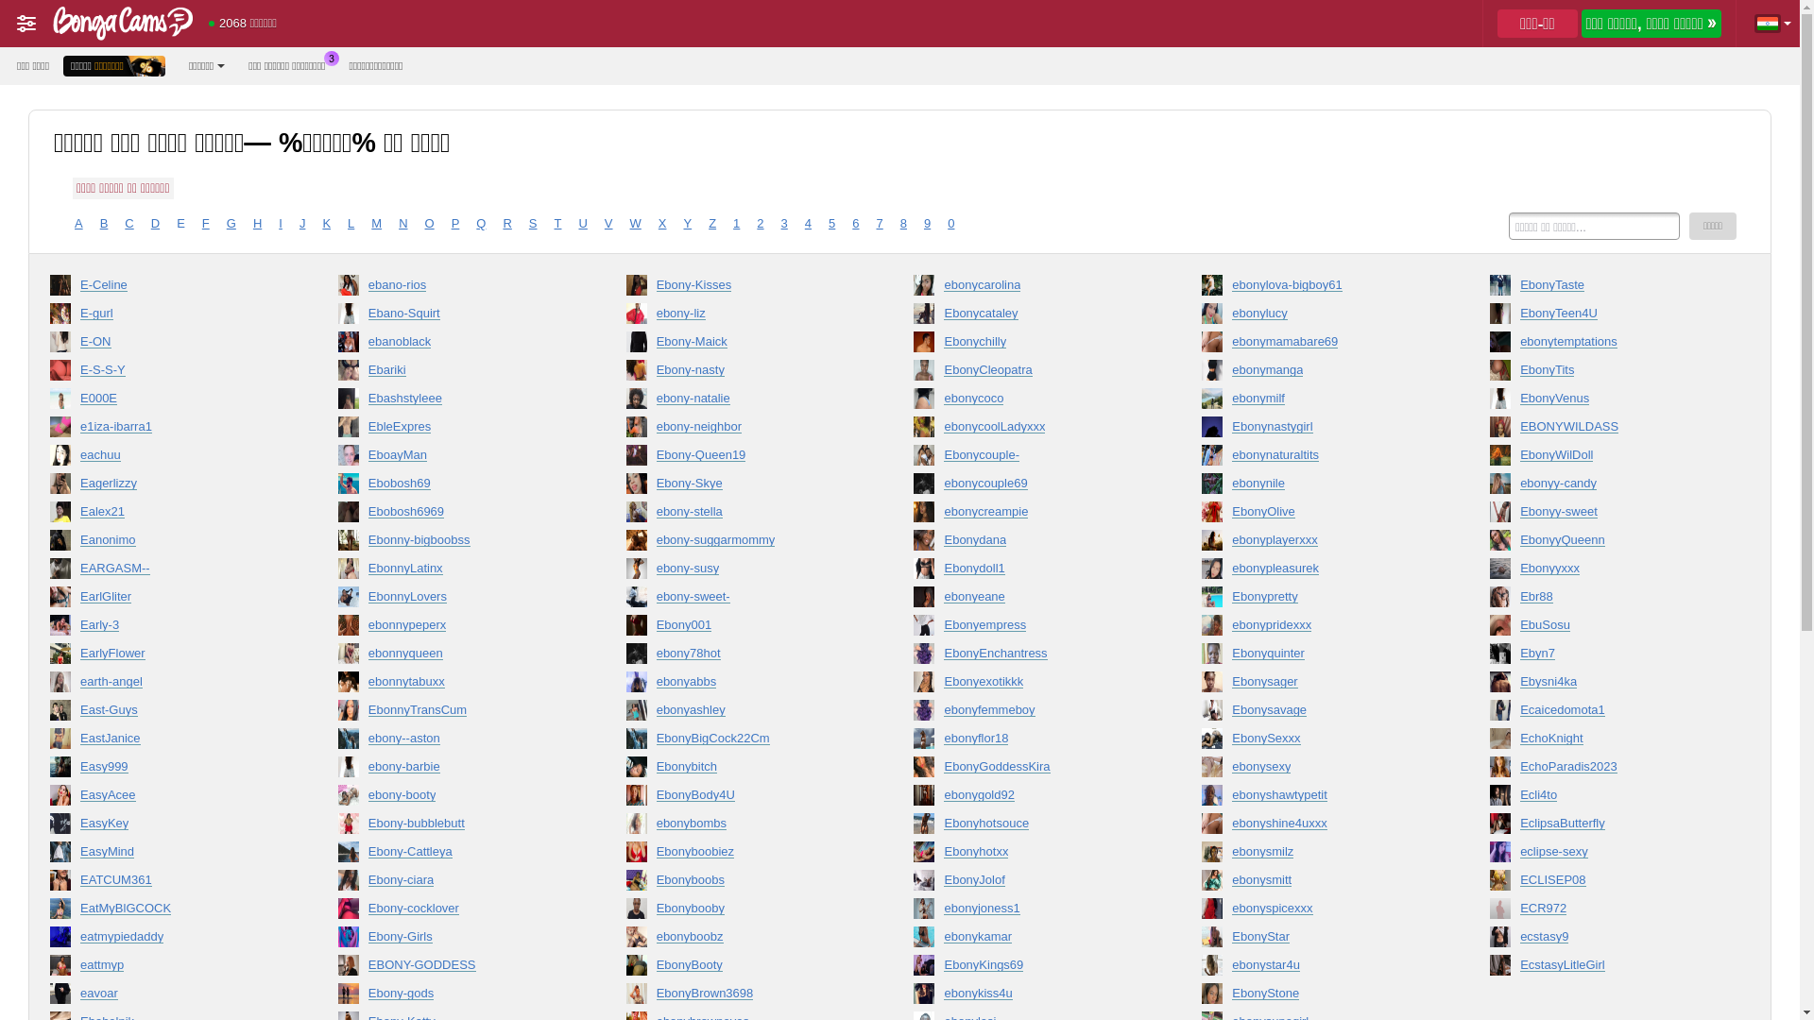  Describe the element at coordinates (256, 222) in the screenshot. I see `'H'` at that location.